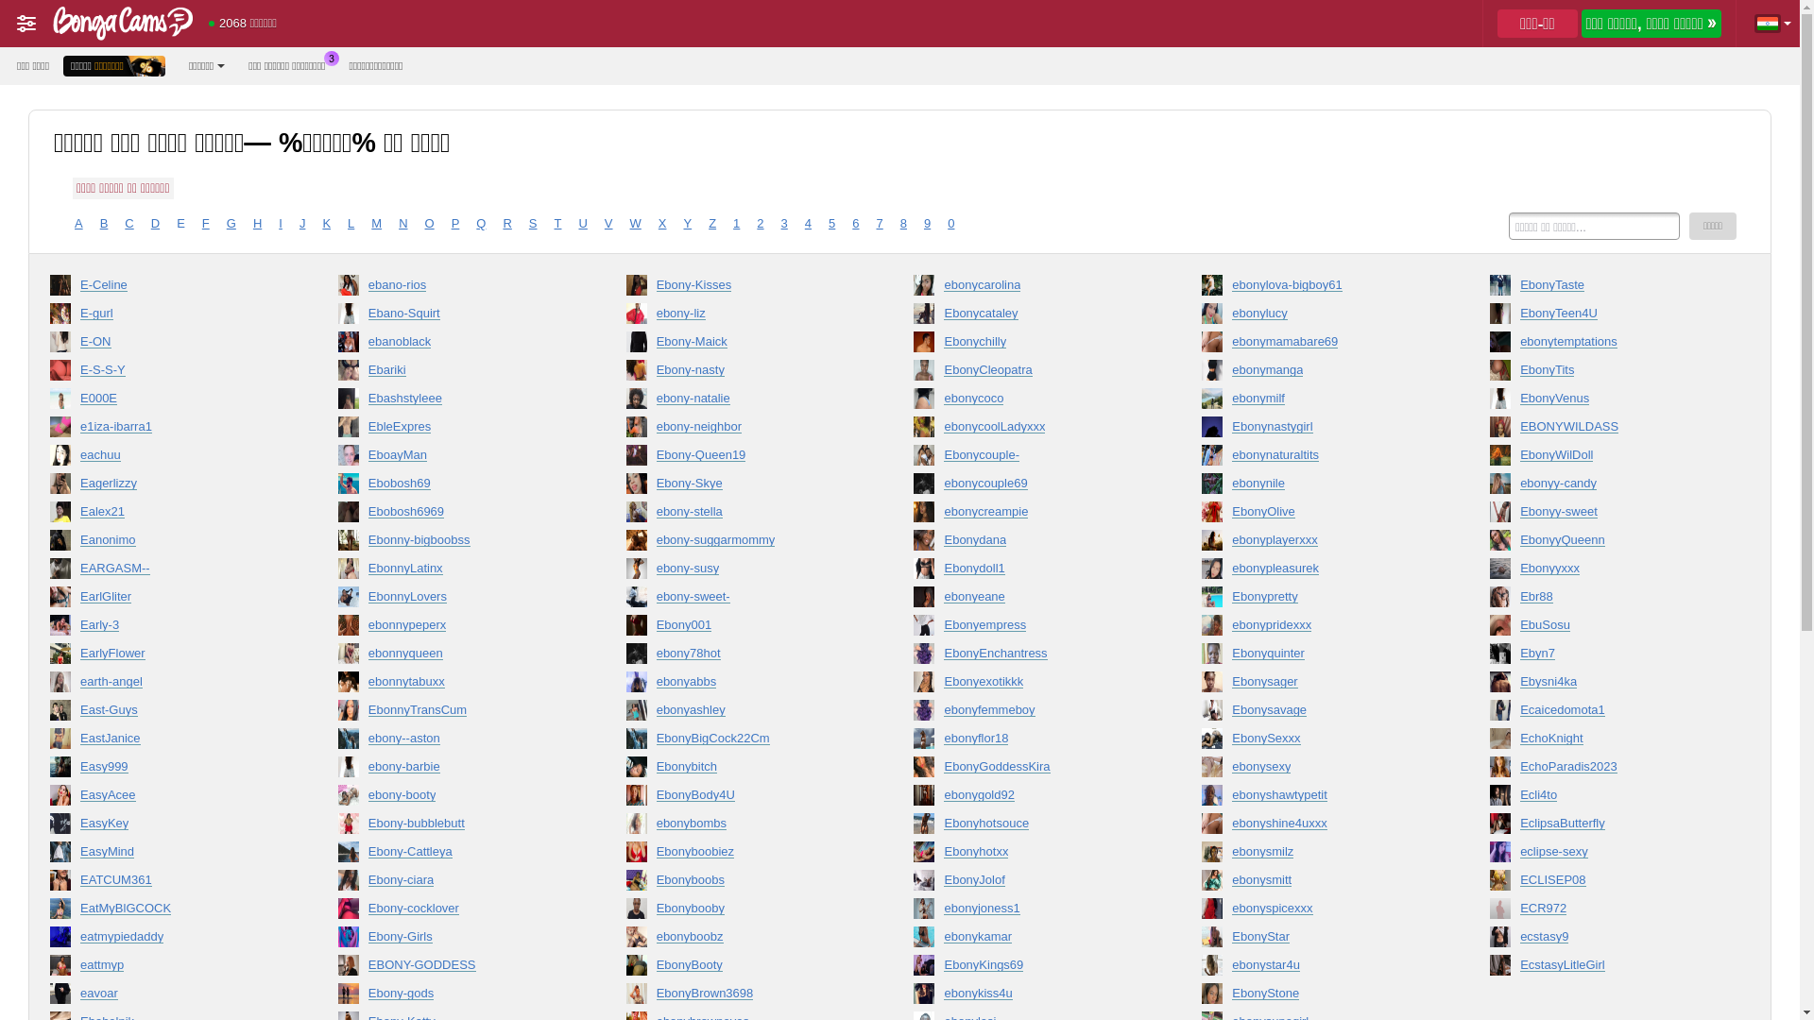  Describe the element at coordinates (256, 222) in the screenshot. I see `'H'` at that location.